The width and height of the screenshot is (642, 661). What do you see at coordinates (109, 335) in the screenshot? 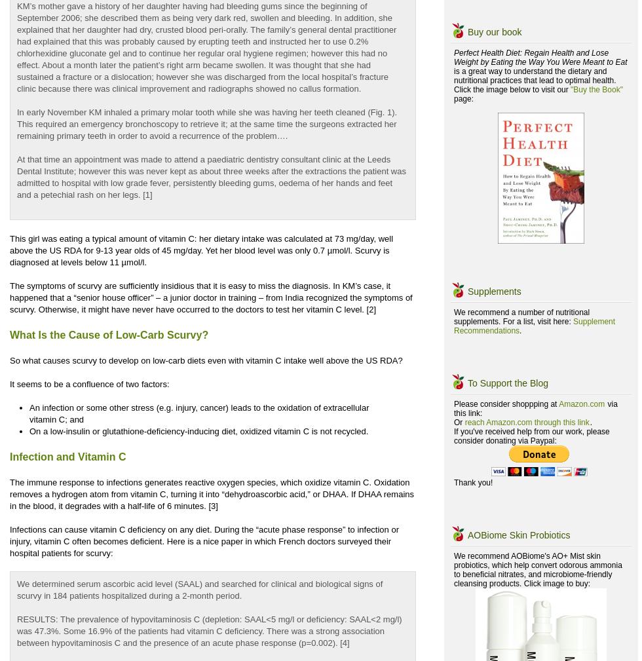
I see `'What Is the Cause of Low-Carb Scurvy?'` at bounding box center [109, 335].